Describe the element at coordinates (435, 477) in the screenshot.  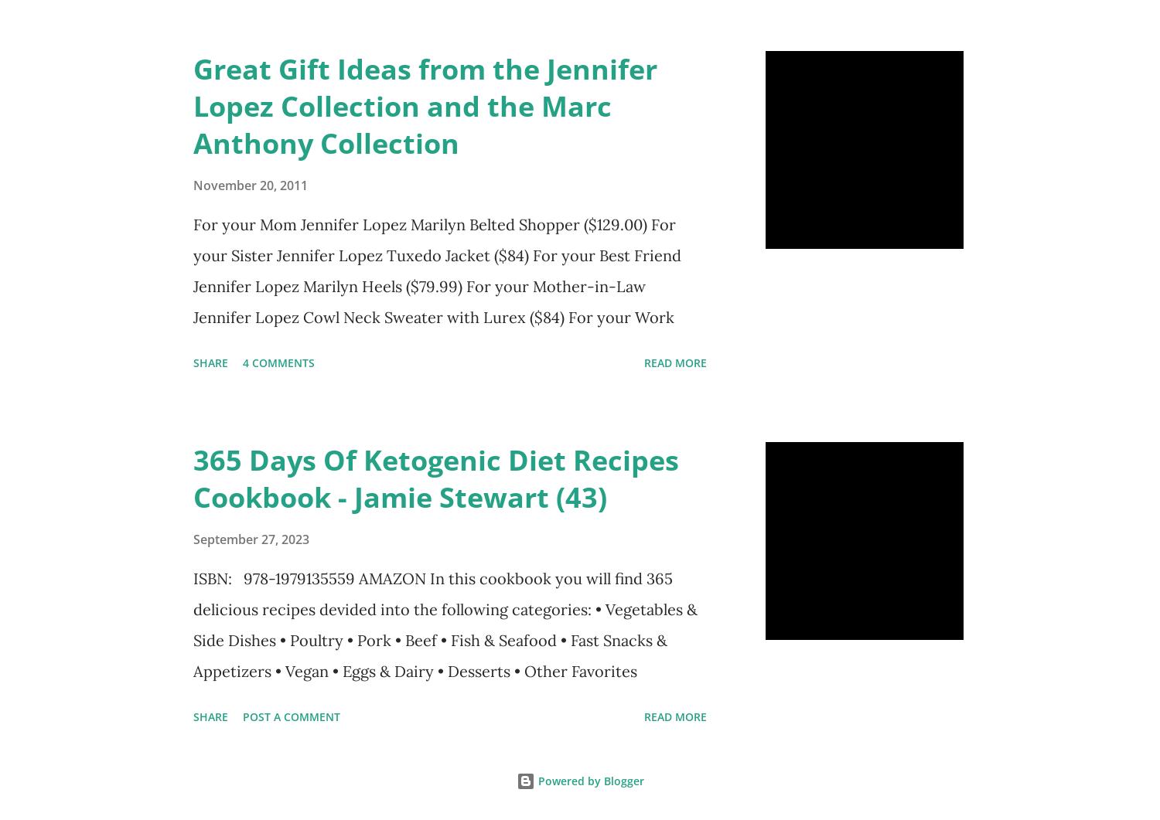
I see `'365 Days Of Ketogenic Diet Recipes Cookbook - Jamie Stewart (43)'` at that location.